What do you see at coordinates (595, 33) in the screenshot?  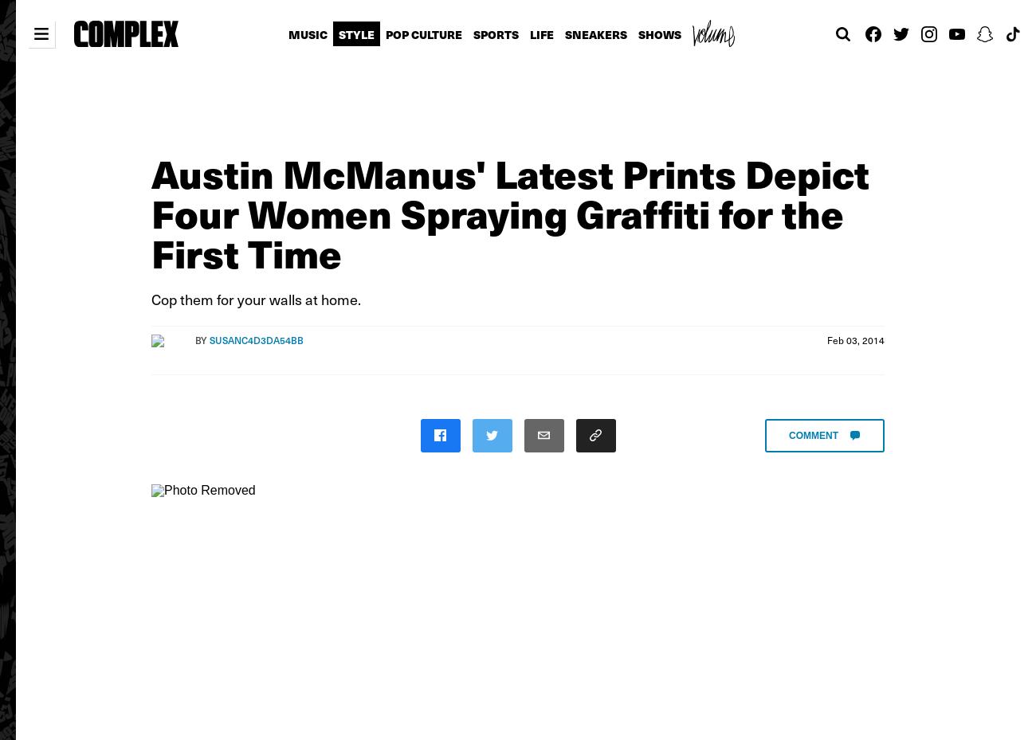 I see `'sneakers'` at bounding box center [595, 33].